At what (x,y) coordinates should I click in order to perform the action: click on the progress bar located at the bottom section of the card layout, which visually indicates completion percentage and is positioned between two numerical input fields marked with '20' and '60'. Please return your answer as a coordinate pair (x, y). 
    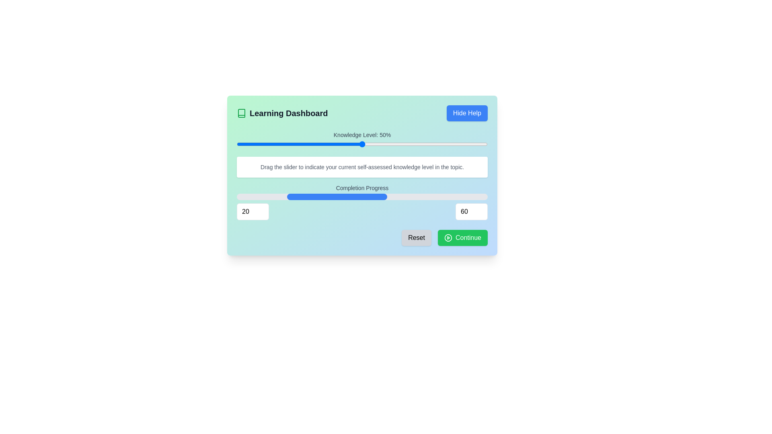
    Looking at the image, I should click on (362, 197).